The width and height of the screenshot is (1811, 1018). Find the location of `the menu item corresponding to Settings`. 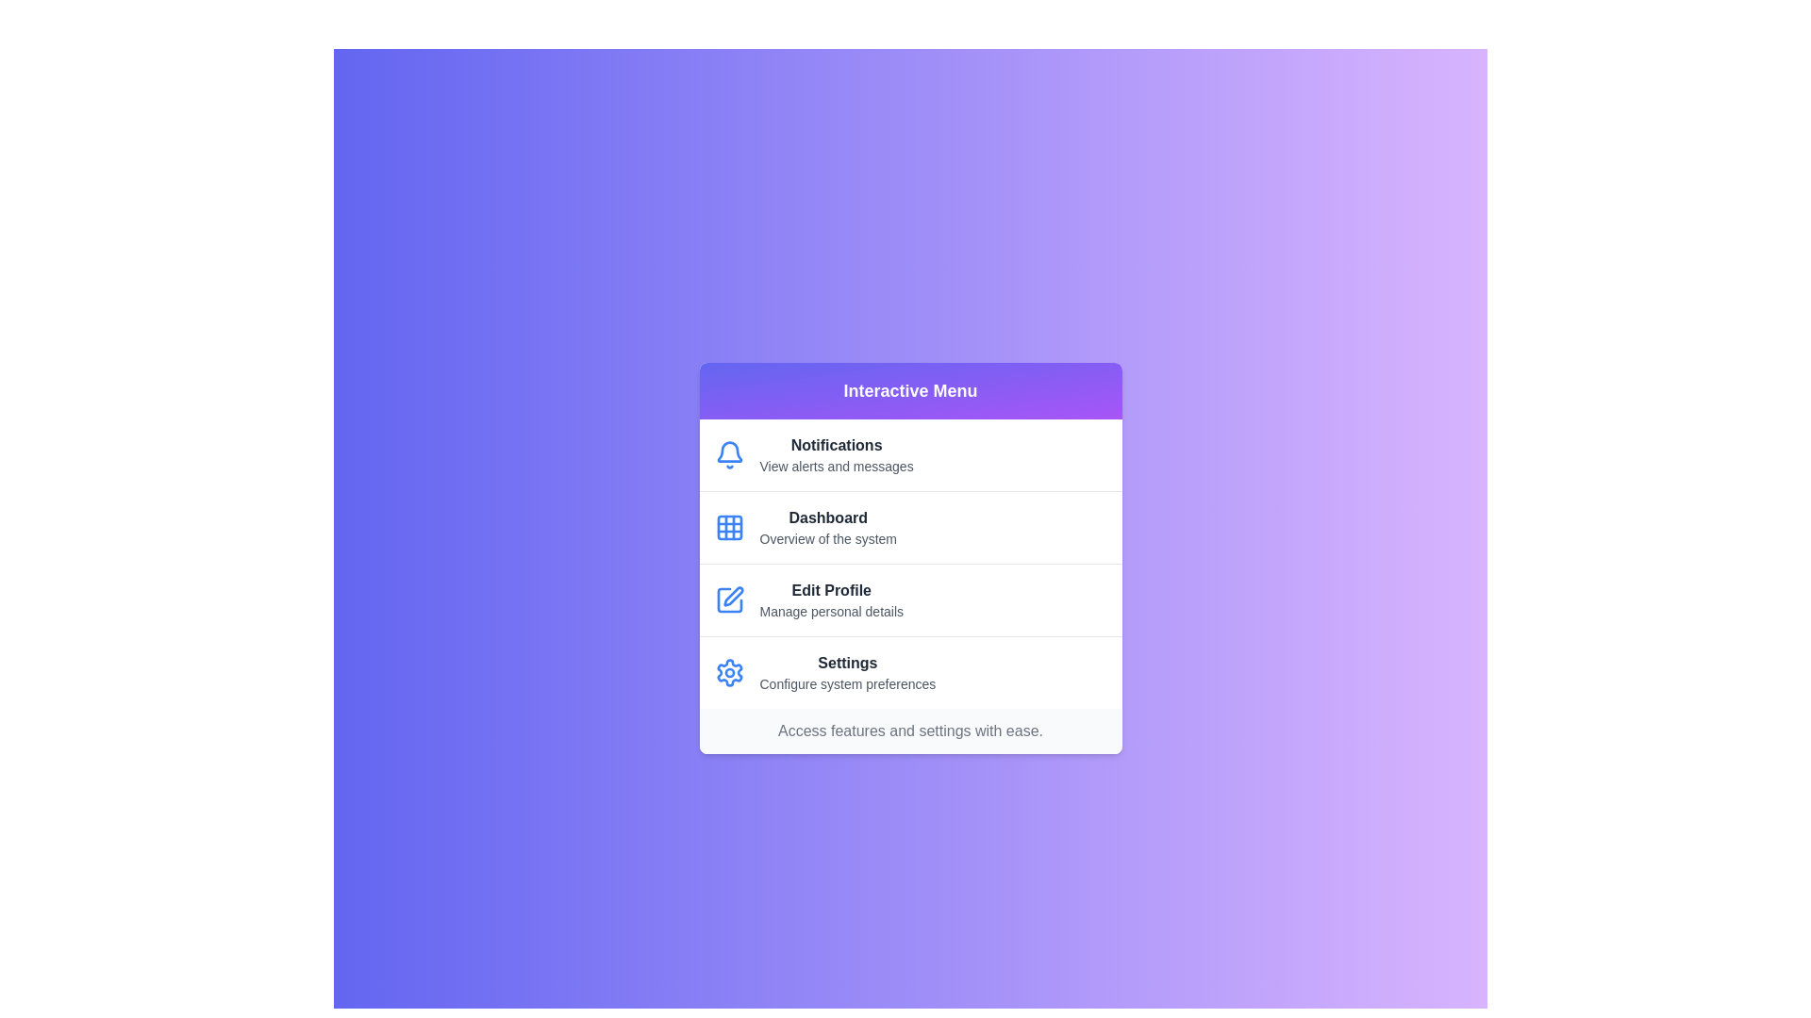

the menu item corresponding to Settings is located at coordinates (910, 671).